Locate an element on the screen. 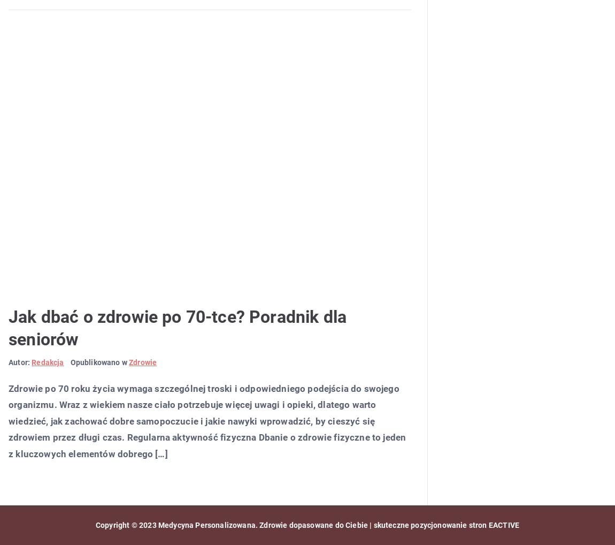 Image resolution: width=615 pixels, height=545 pixels. 'Opublikowano w' is located at coordinates (98, 362).